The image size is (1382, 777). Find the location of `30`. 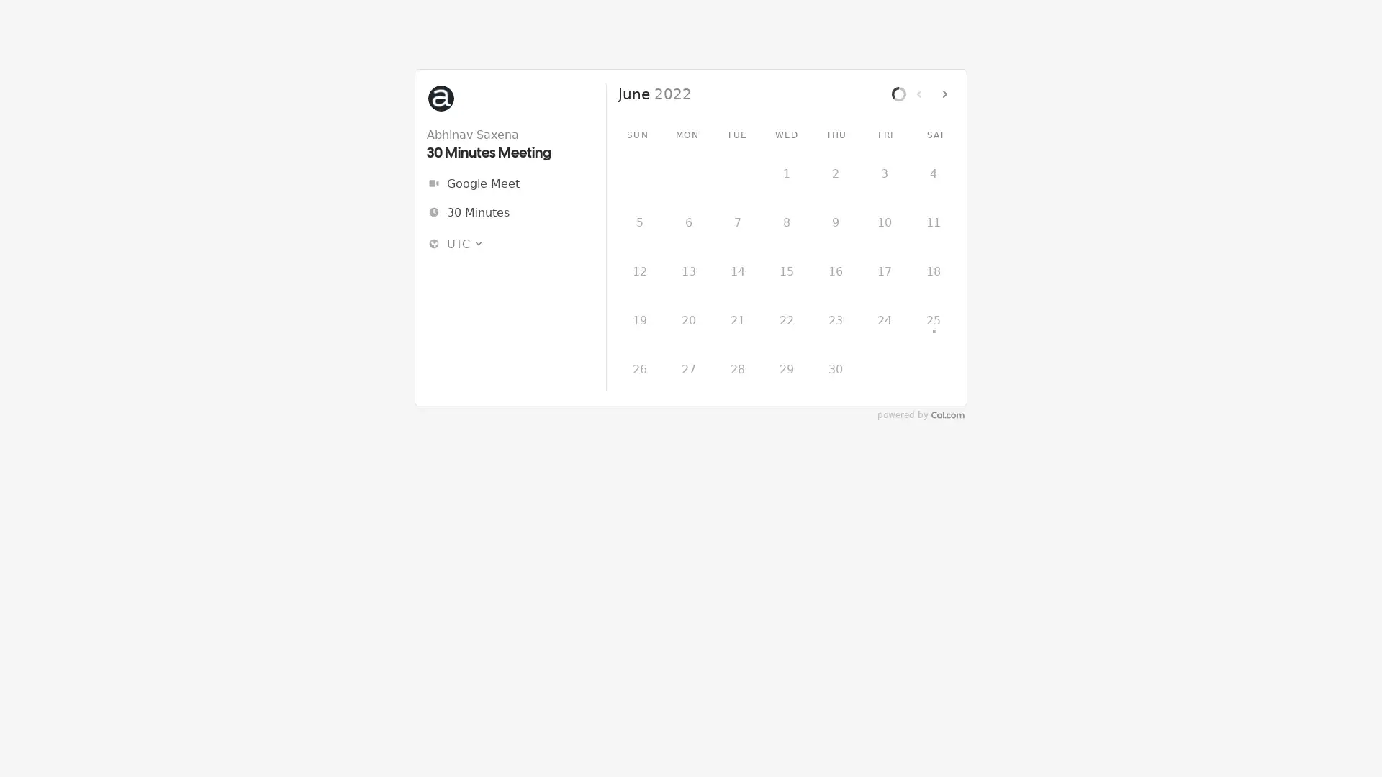

30 is located at coordinates (836, 368).